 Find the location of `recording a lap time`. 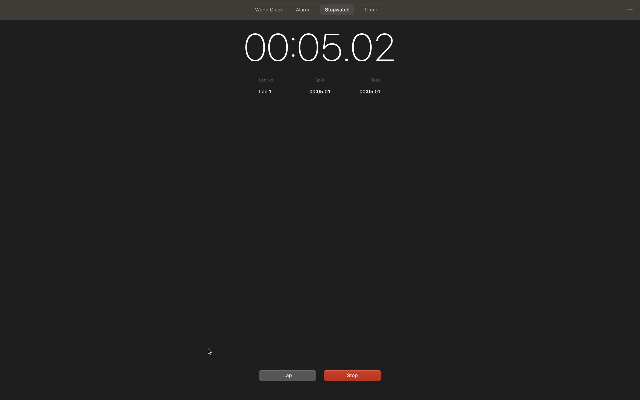

recording a lap time is located at coordinates (286, 375).